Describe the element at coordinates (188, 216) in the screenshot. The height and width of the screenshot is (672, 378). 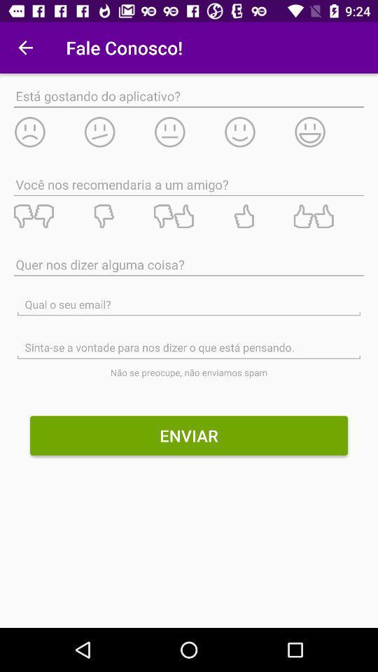
I see `positive or negative opinion` at that location.